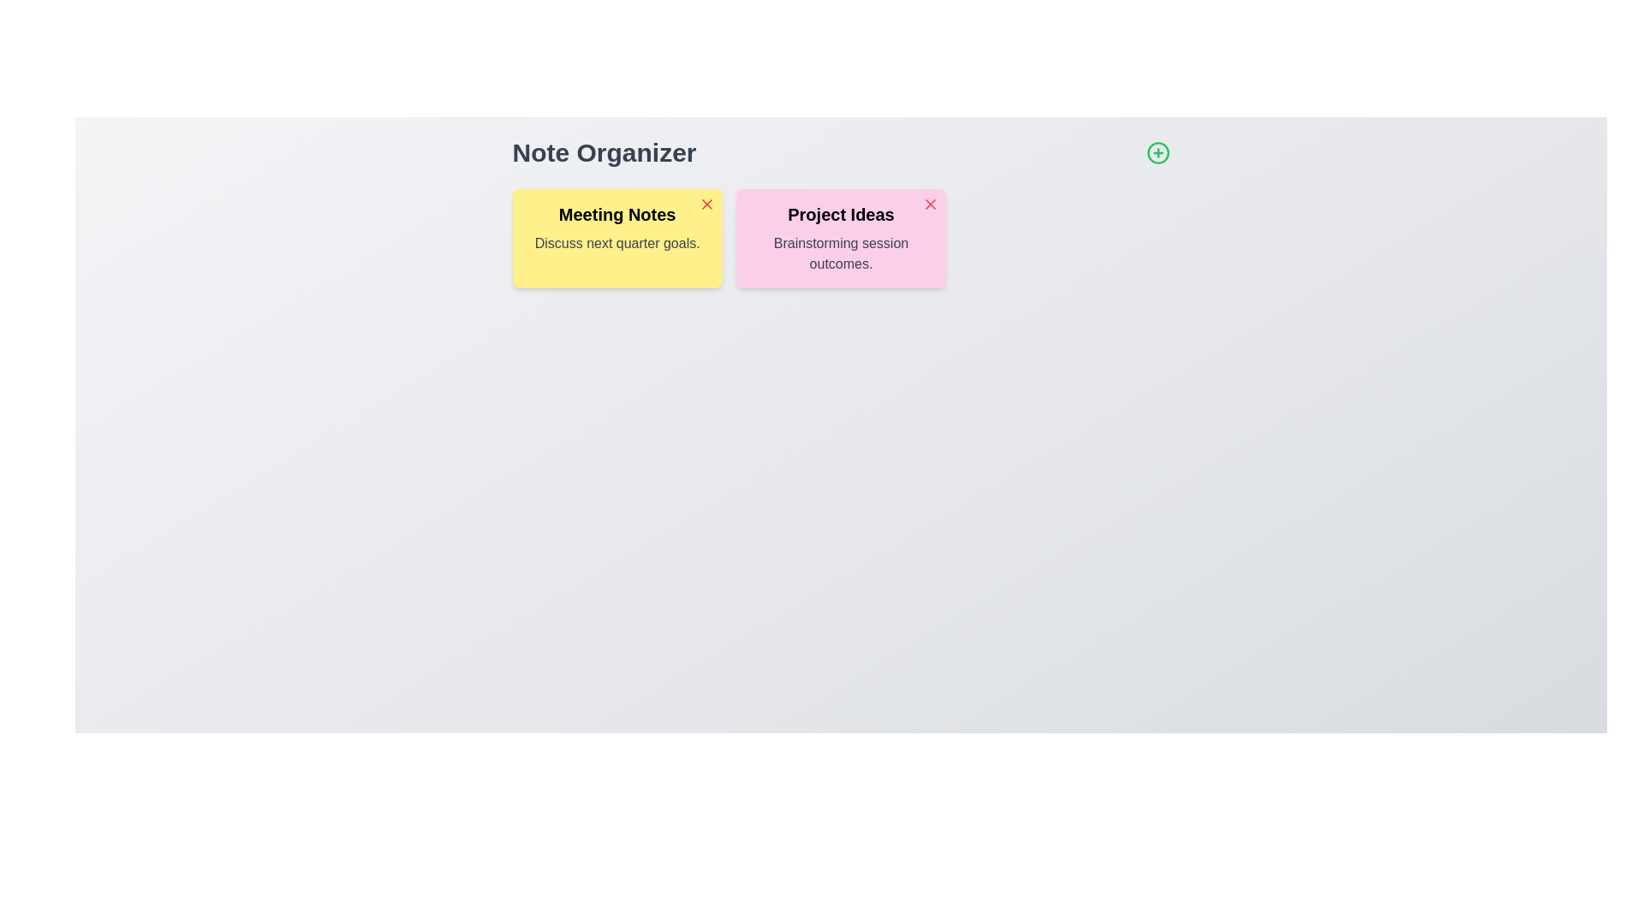 This screenshot has width=1644, height=924. What do you see at coordinates (841, 254) in the screenshot?
I see `the text block containing 'Brainstorming session outcomes.' which is styled with gray text and located inside a pink rectangle with rounded corners beneath the title 'Project Ideas'` at bounding box center [841, 254].